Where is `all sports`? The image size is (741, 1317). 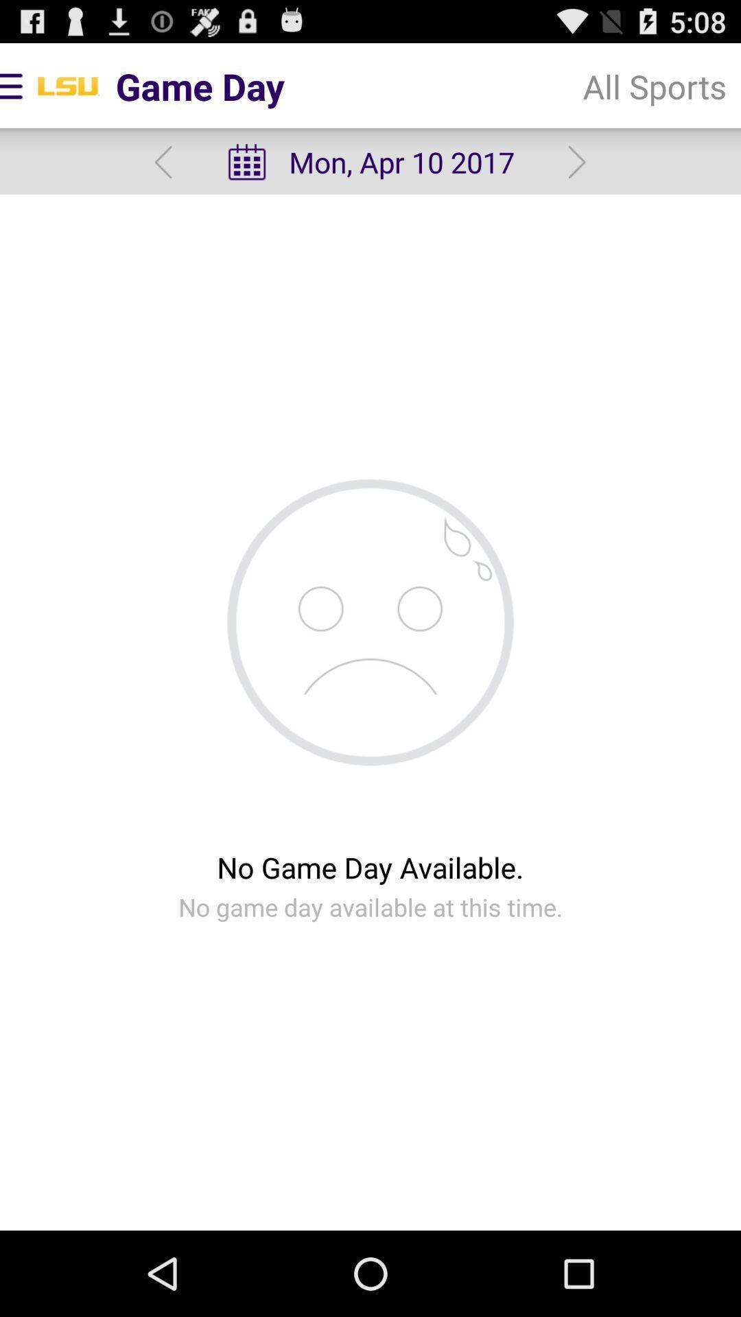
all sports is located at coordinates (654, 85).